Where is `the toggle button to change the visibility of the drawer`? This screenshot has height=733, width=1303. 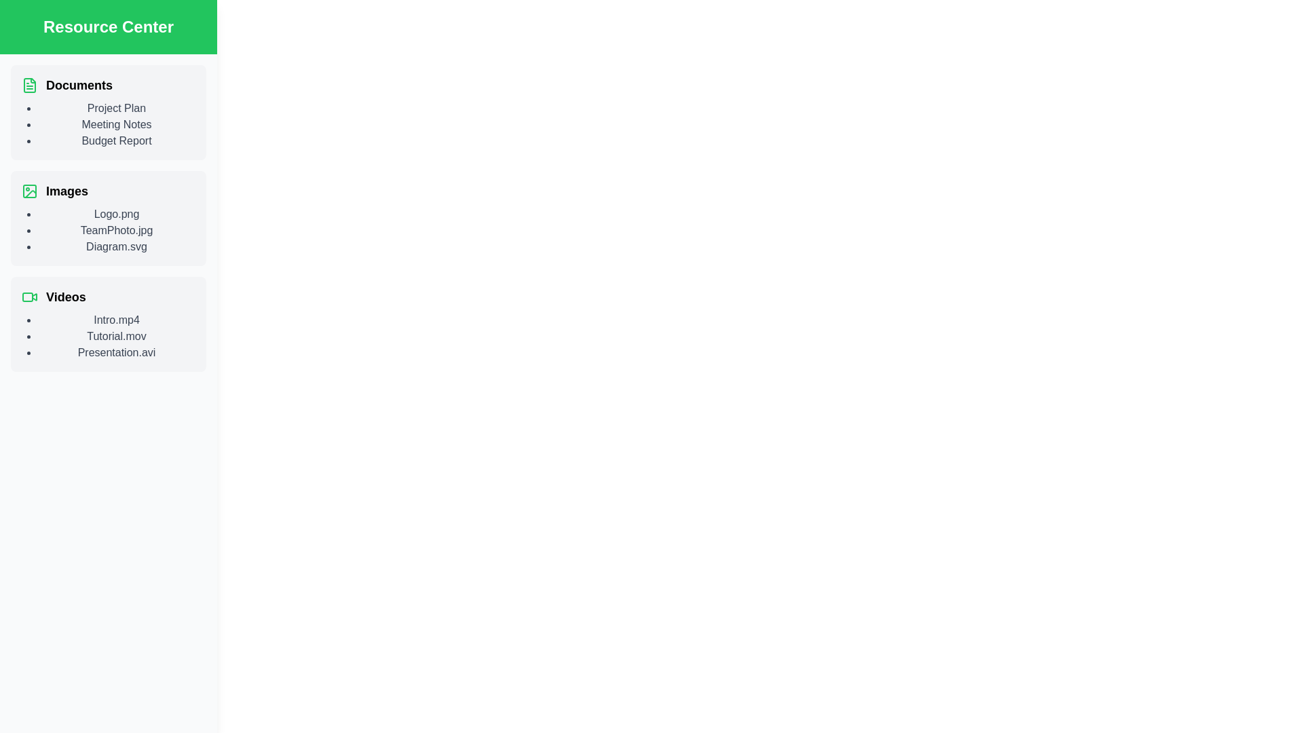 the toggle button to change the visibility of the drawer is located at coordinates (26, 26).